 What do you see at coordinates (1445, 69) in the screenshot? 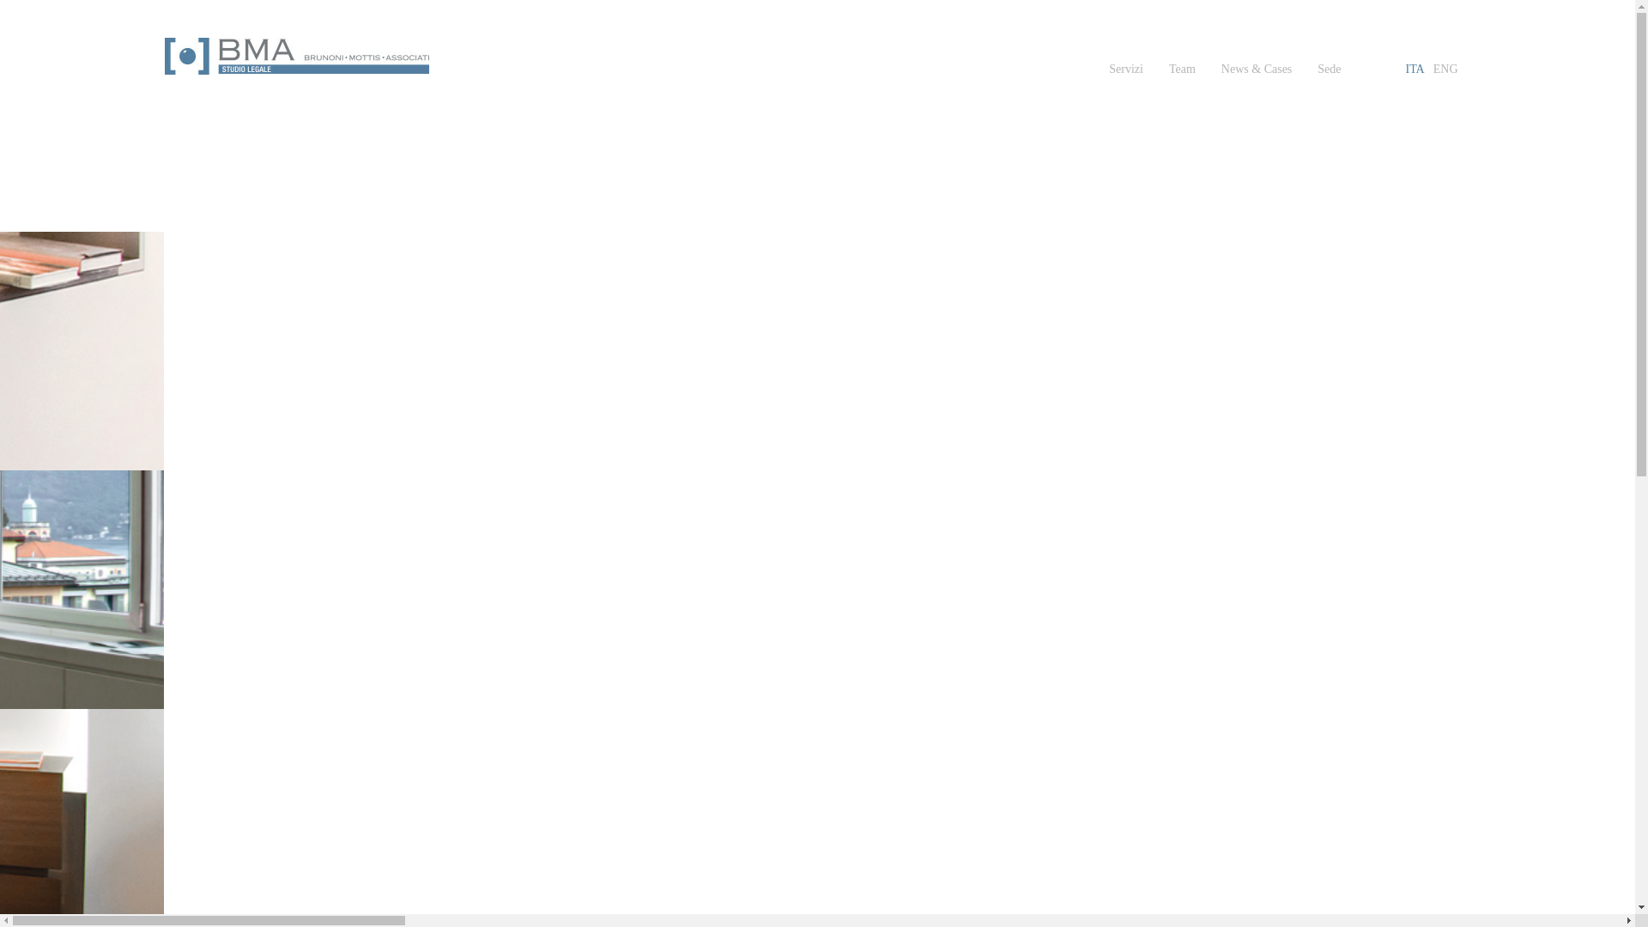
I see `'ENG'` at bounding box center [1445, 69].